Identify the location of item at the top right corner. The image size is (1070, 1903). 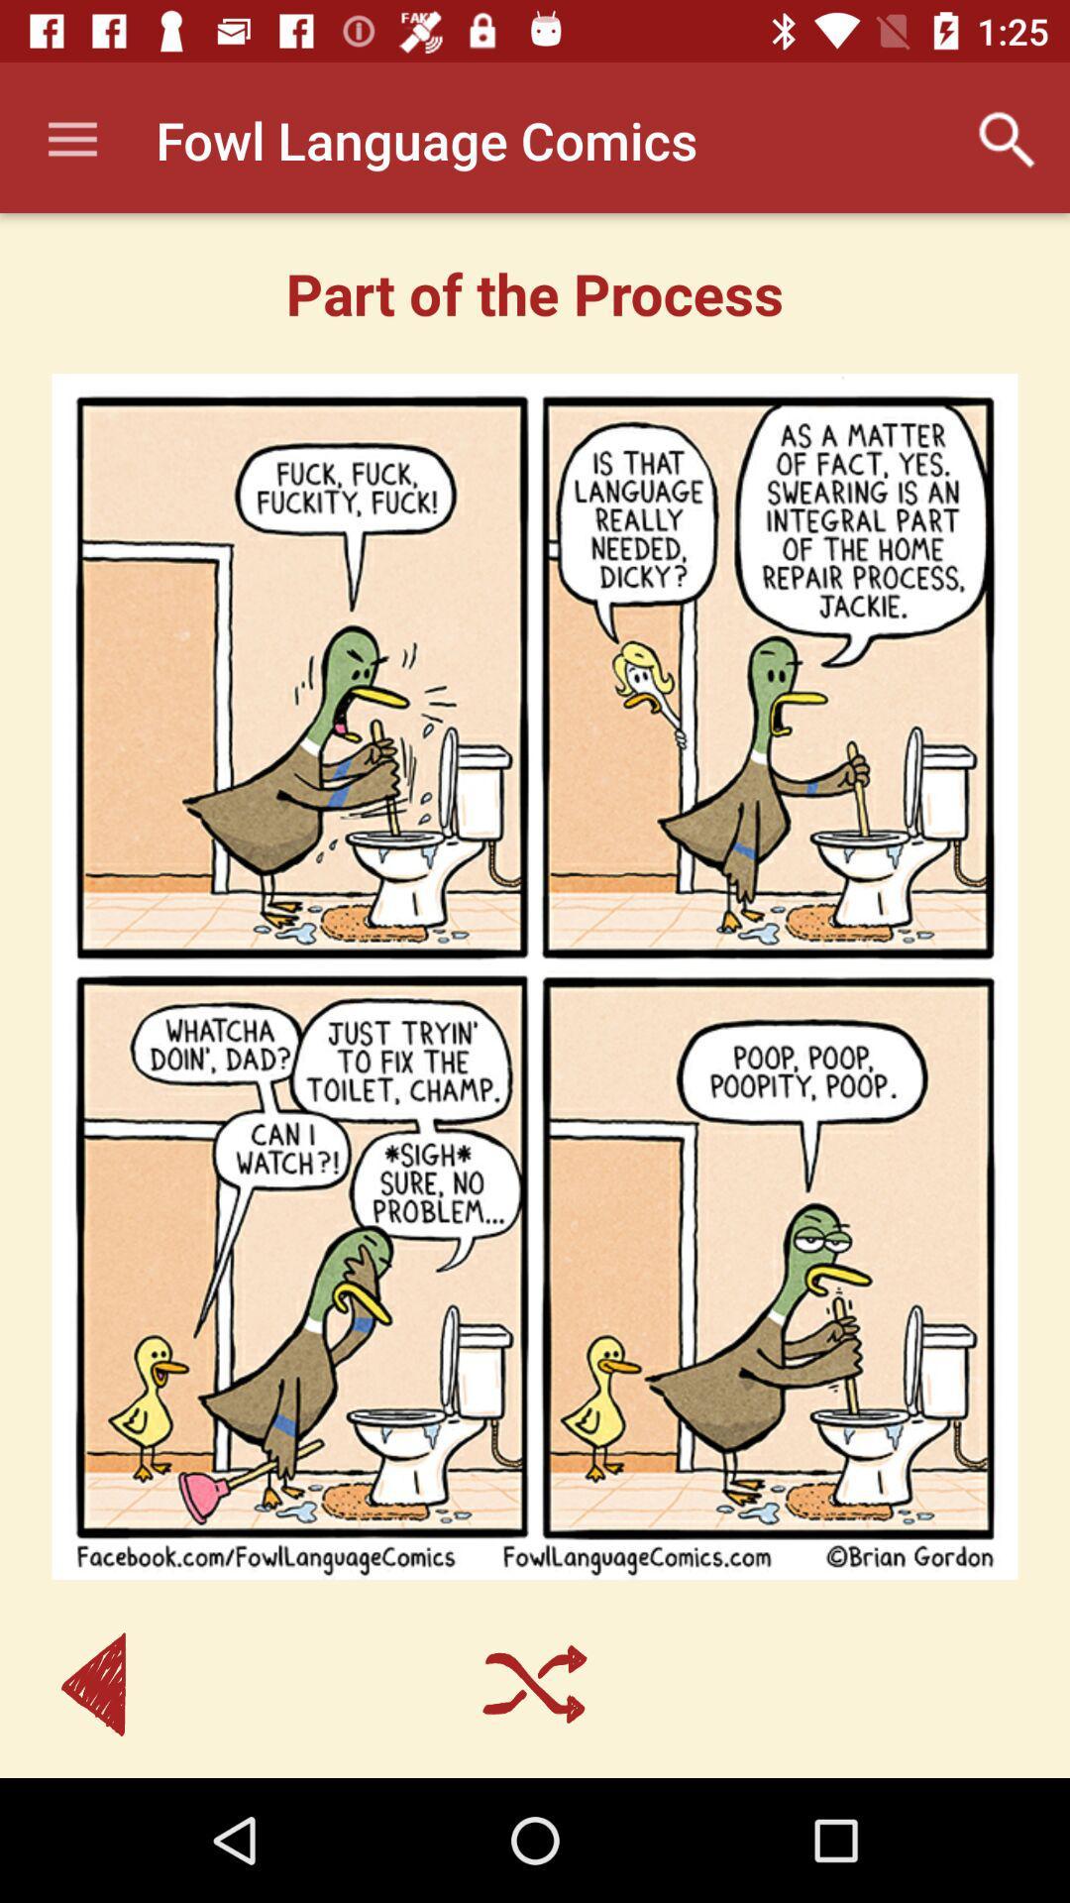
(1008, 139).